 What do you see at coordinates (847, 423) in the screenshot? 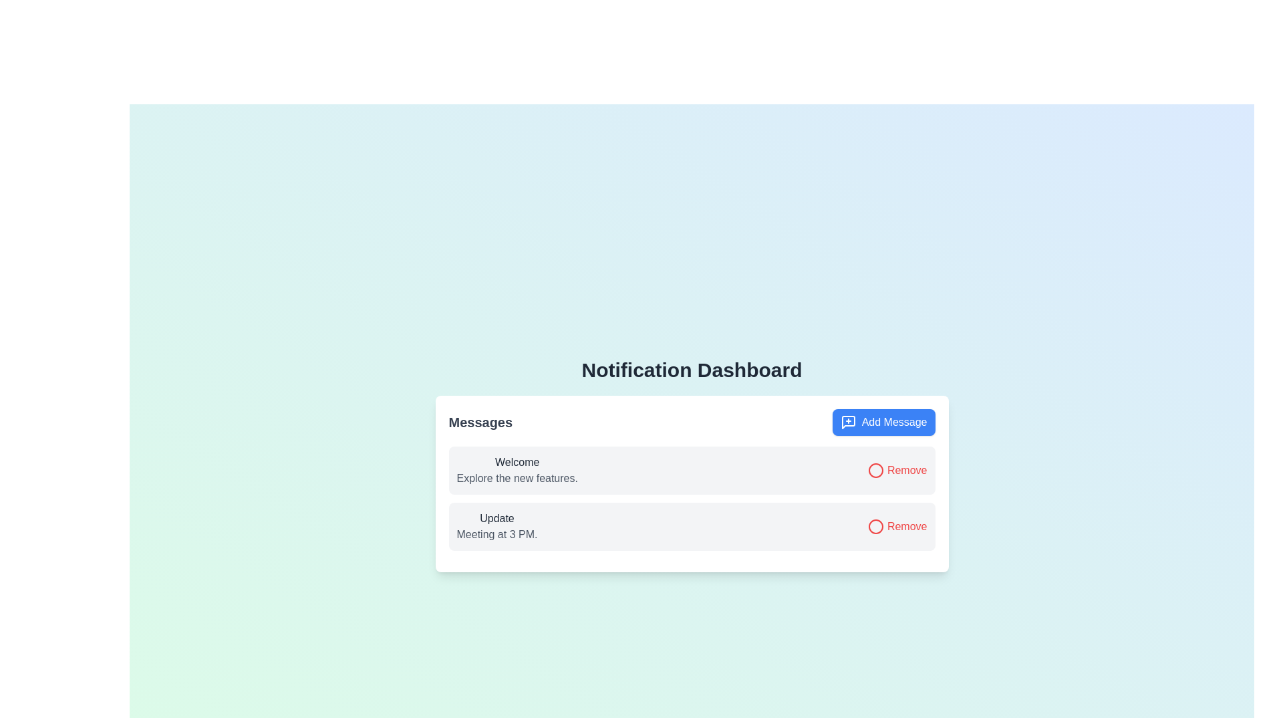
I see `the speech bubble icon with a plus sign inside, which is styled in white with a blue background, located within the 'Add Message' button at the top-right corner of the 'Messages' section` at bounding box center [847, 423].